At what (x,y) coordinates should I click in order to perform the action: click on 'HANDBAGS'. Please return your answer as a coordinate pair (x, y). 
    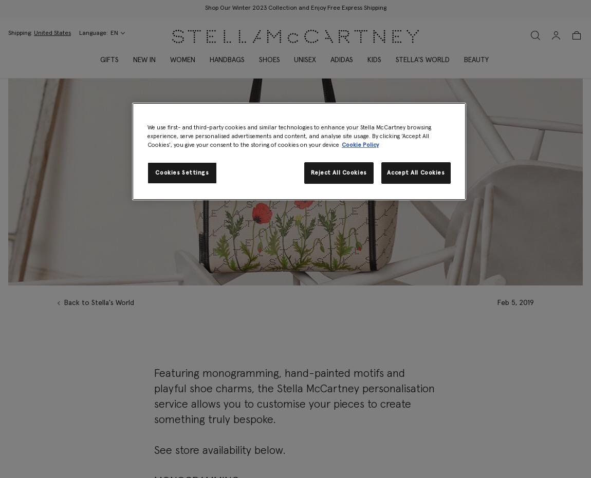
    Looking at the image, I should click on (227, 60).